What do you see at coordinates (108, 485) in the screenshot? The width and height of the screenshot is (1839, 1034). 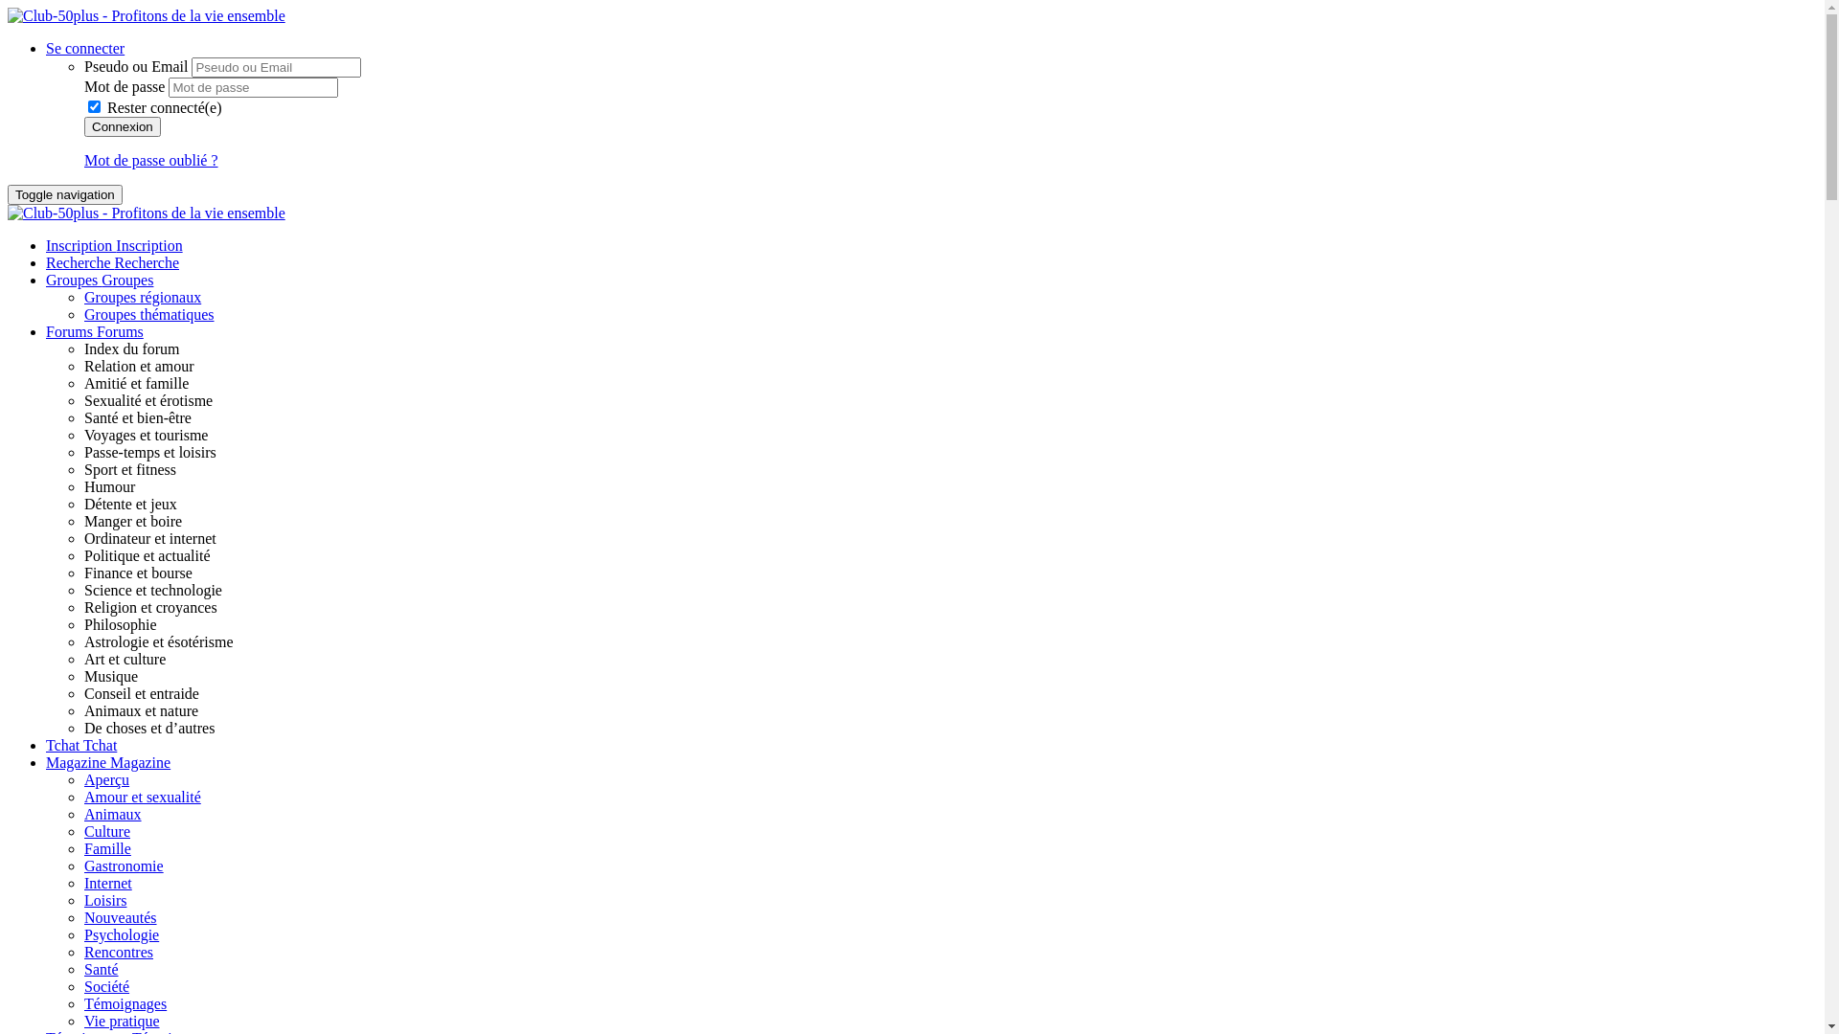 I see `'Humour'` at bounding box center [108, 485].